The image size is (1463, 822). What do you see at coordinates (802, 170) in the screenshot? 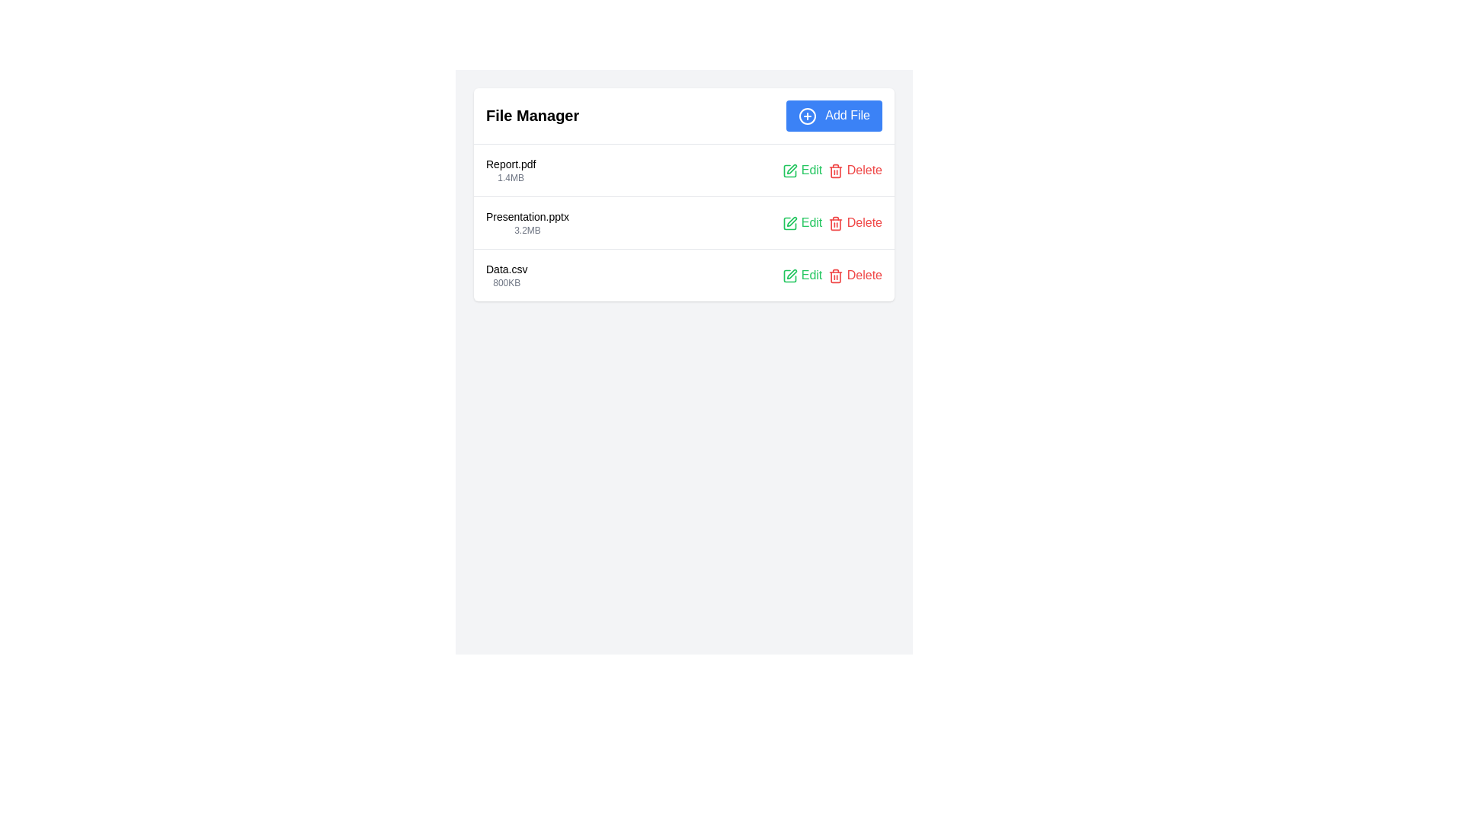
I see `the 'Edit' button, which is a green-colored text element with a pencil icon, located at the right end of the row for the file 'Report.pdf'` at bounding box center [802, 170].